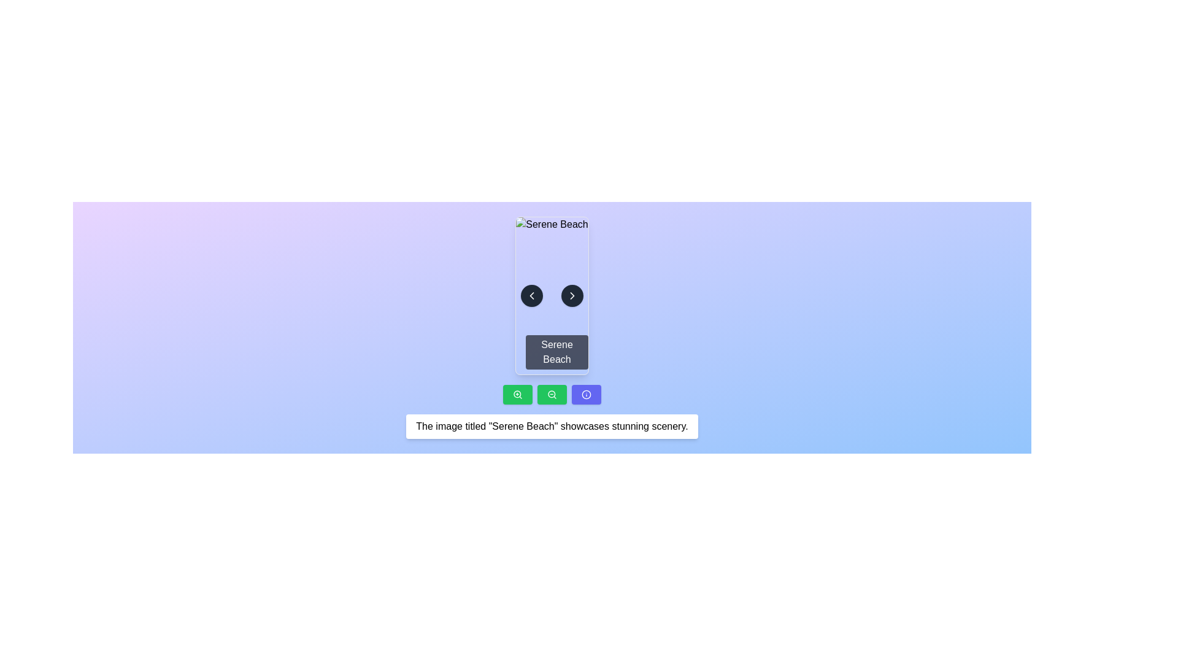  Describe the element at coordinates (532, 296) in the screenshot. I see `the left-pointing chevron icon within the circular button on the left side of the navigation control group` at that location.